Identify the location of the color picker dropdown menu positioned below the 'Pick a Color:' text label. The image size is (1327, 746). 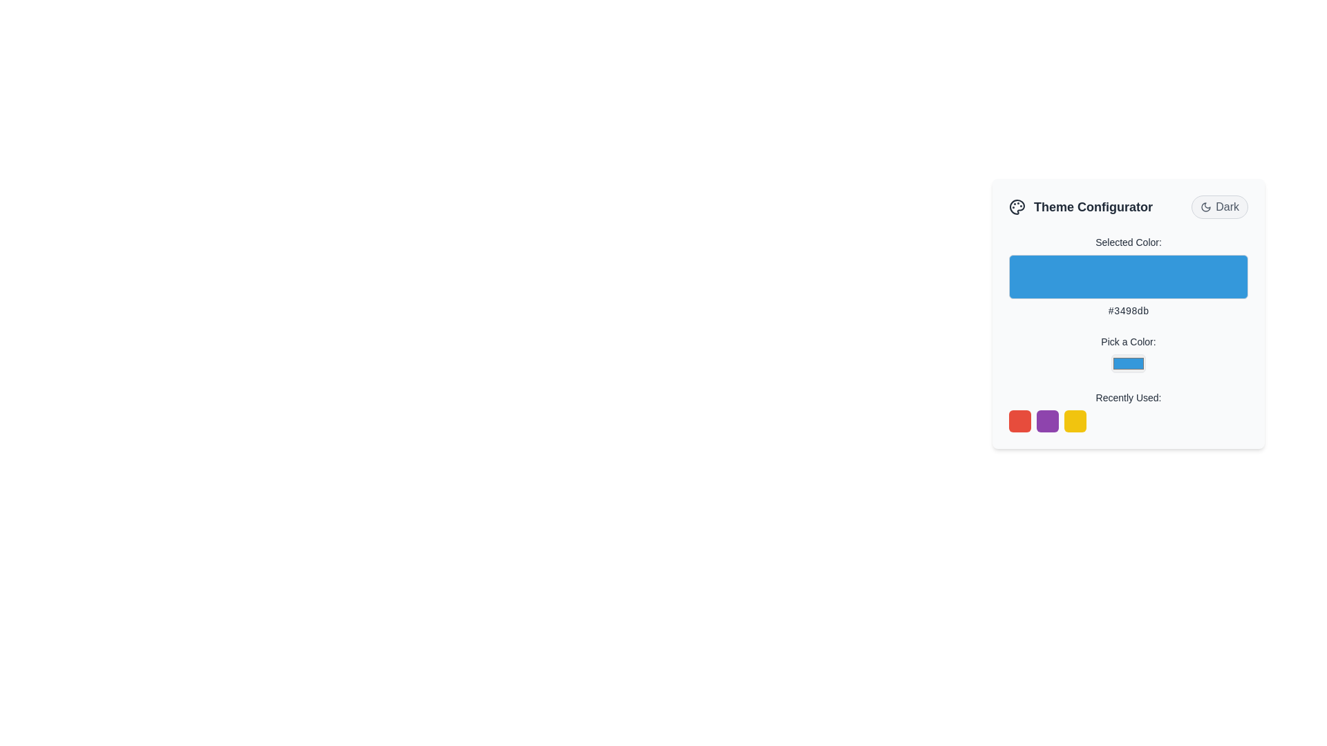
(1128, 334).